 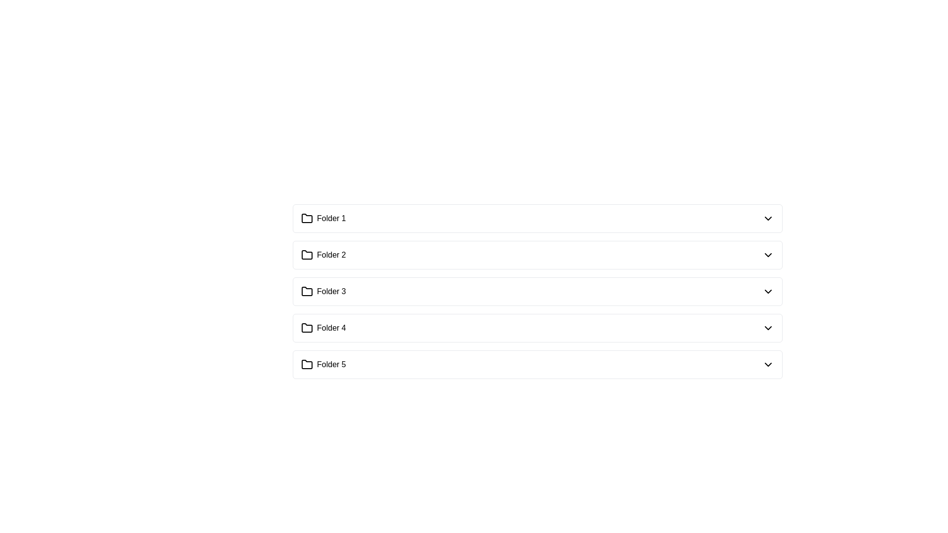 What do you see at coordinates (537, 218) in the screenshot?
I see `the 'Folder 1' button` at bounding box center [537, 218].